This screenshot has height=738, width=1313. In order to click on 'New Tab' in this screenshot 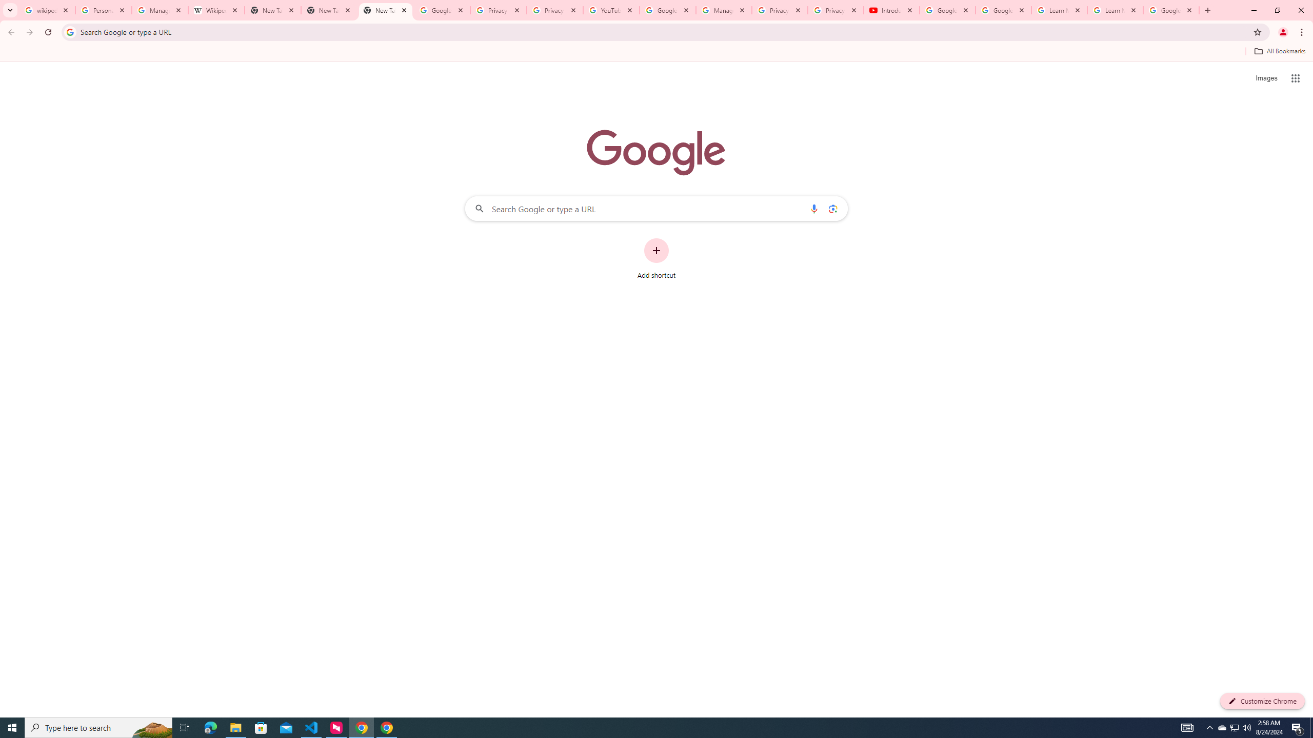, I will do `click(385, 10)`.